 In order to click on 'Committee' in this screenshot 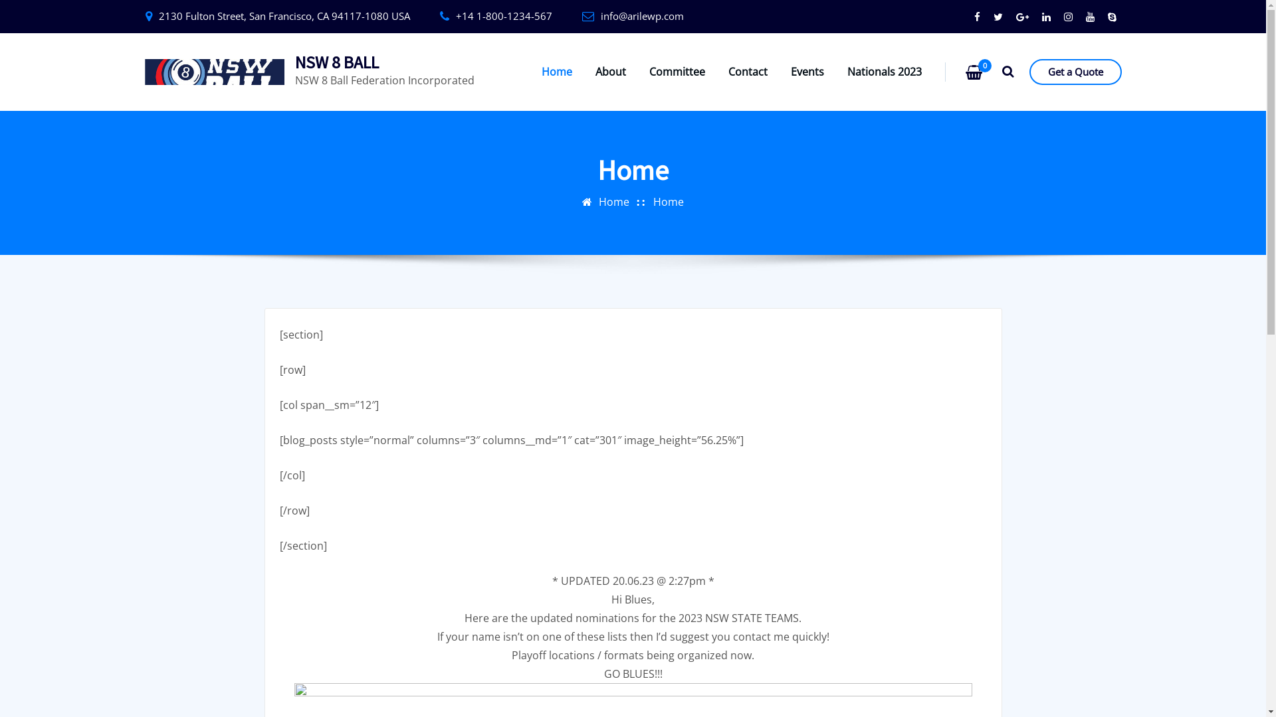, I will do `click(677, 72)`.